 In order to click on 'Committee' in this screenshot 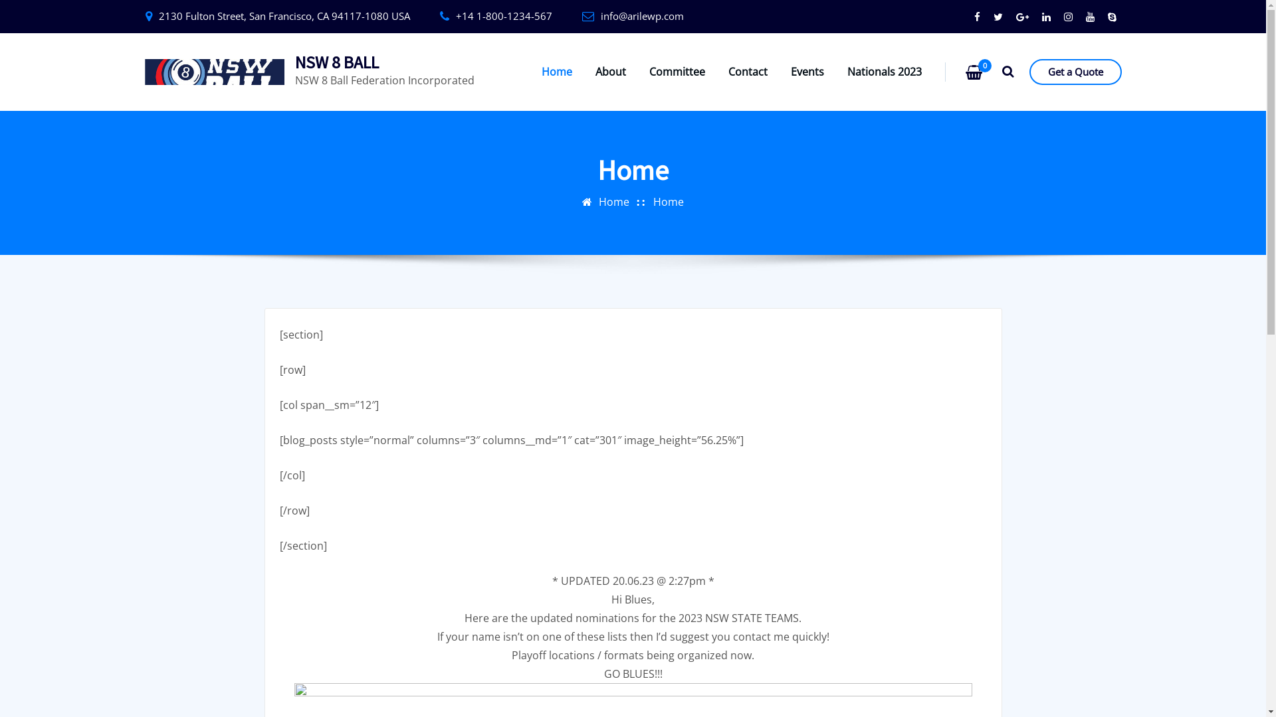, I will do `click(677, 72)`.